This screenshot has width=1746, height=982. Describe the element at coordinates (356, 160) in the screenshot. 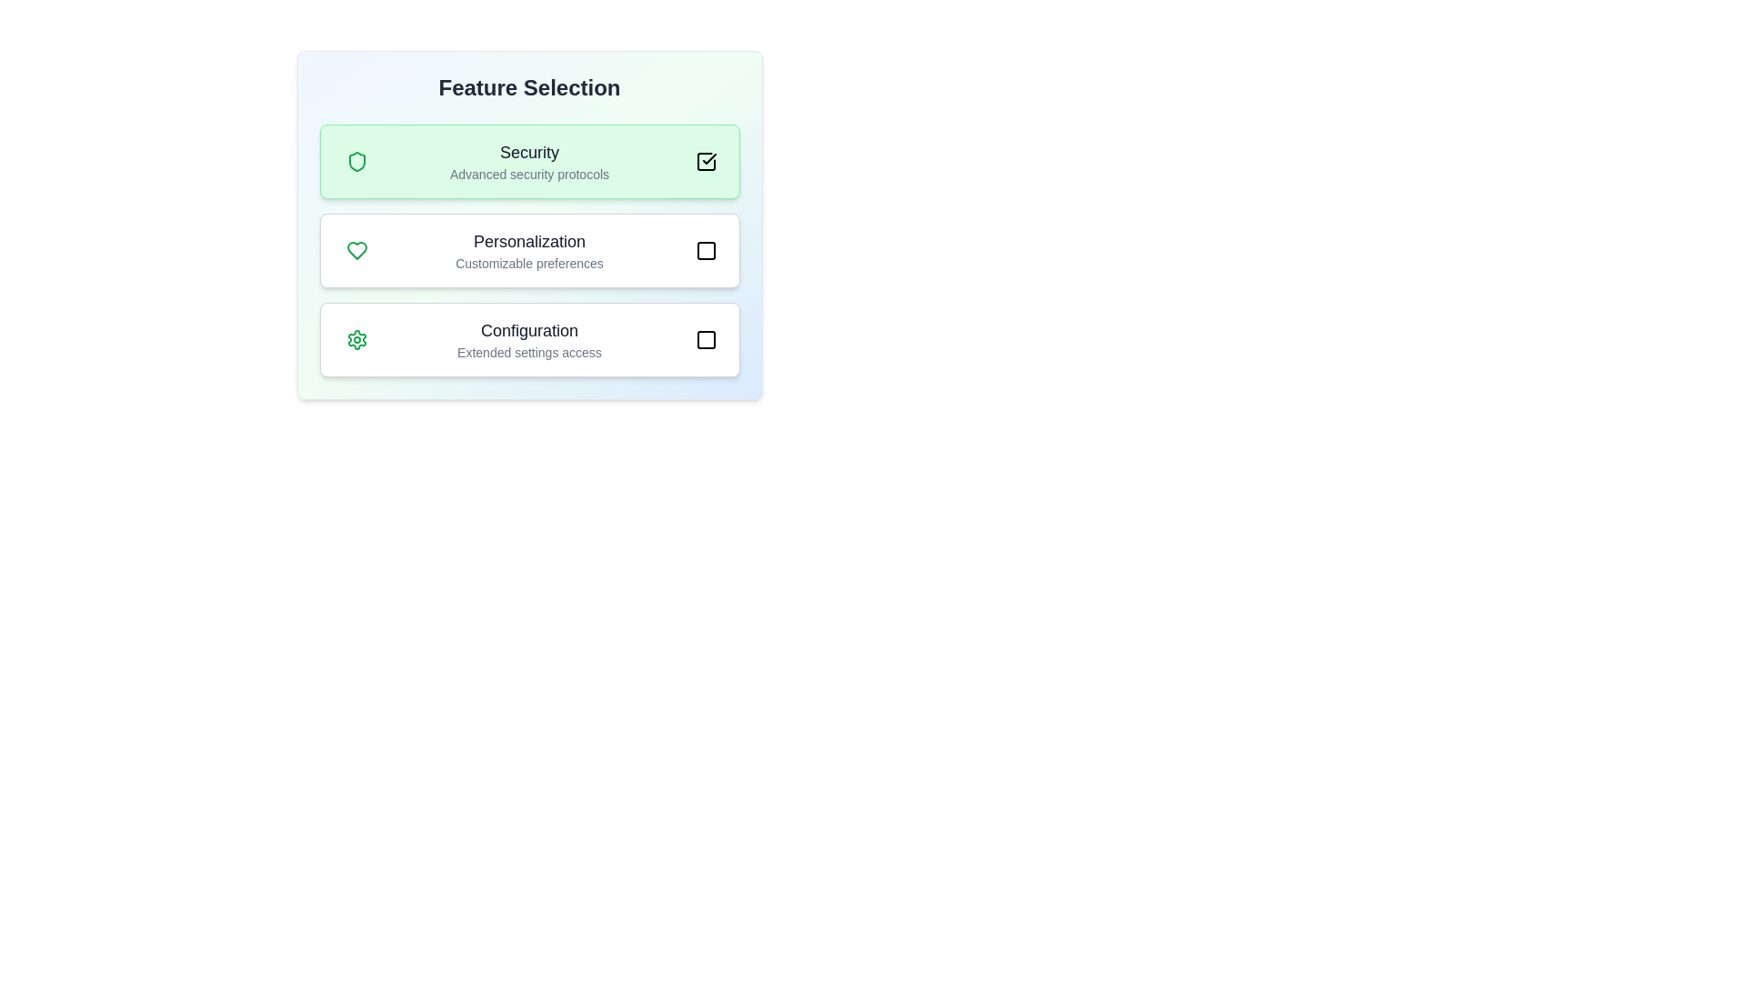

I see `the shield-shaped security icon outlined with a green stroke located on a light green background in the first row under the 'Feature Selection' header` at that location.